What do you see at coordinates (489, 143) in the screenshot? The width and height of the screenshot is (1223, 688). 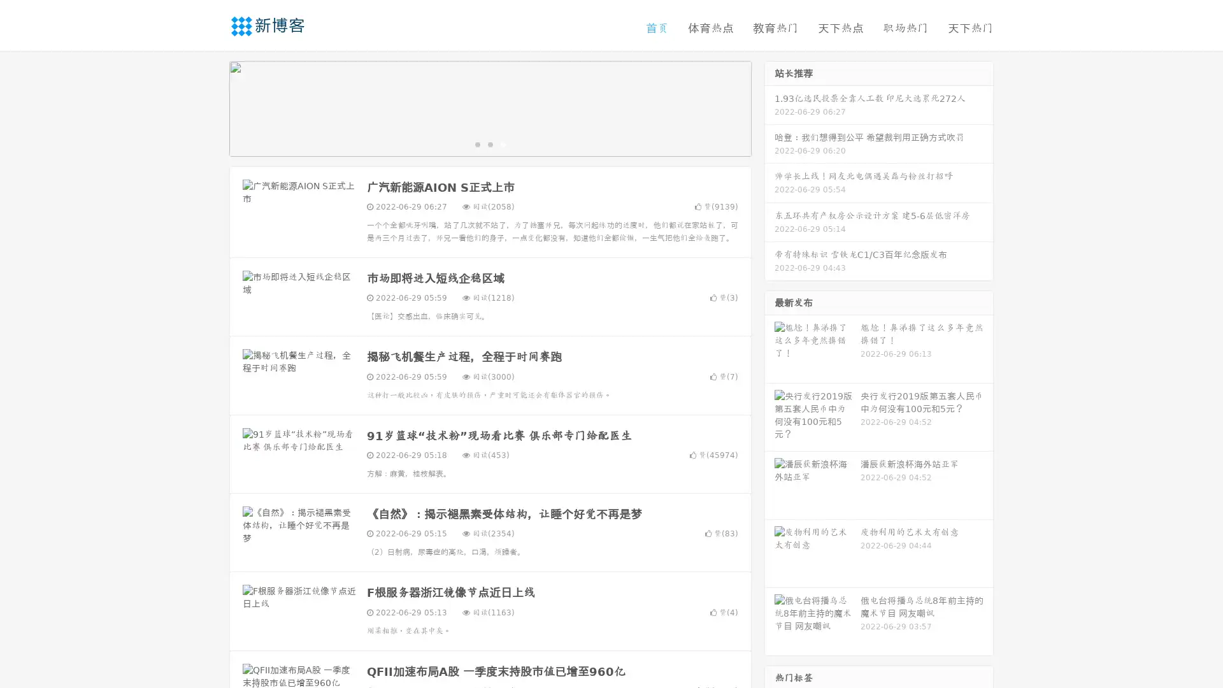 I see `Go to slide 2` at bounding box center [489, 143].